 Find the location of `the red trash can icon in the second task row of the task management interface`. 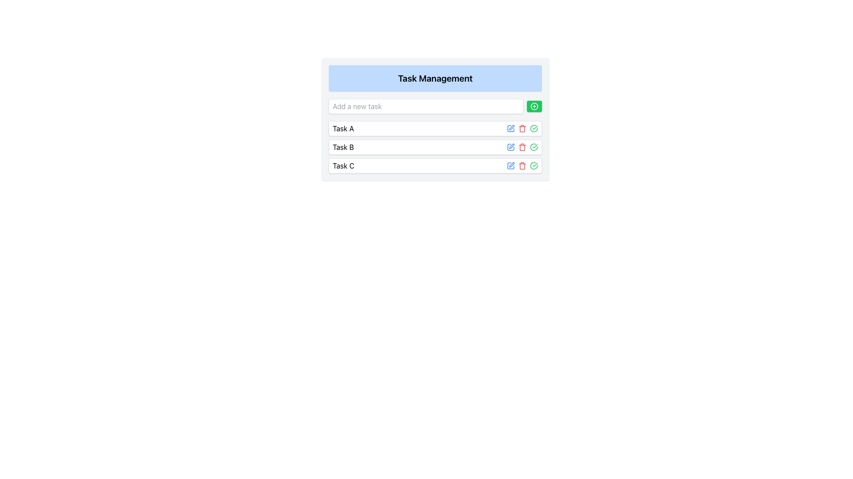

the red trash can icon in the second task row of the task management interface is located at coordinates (522, 146).